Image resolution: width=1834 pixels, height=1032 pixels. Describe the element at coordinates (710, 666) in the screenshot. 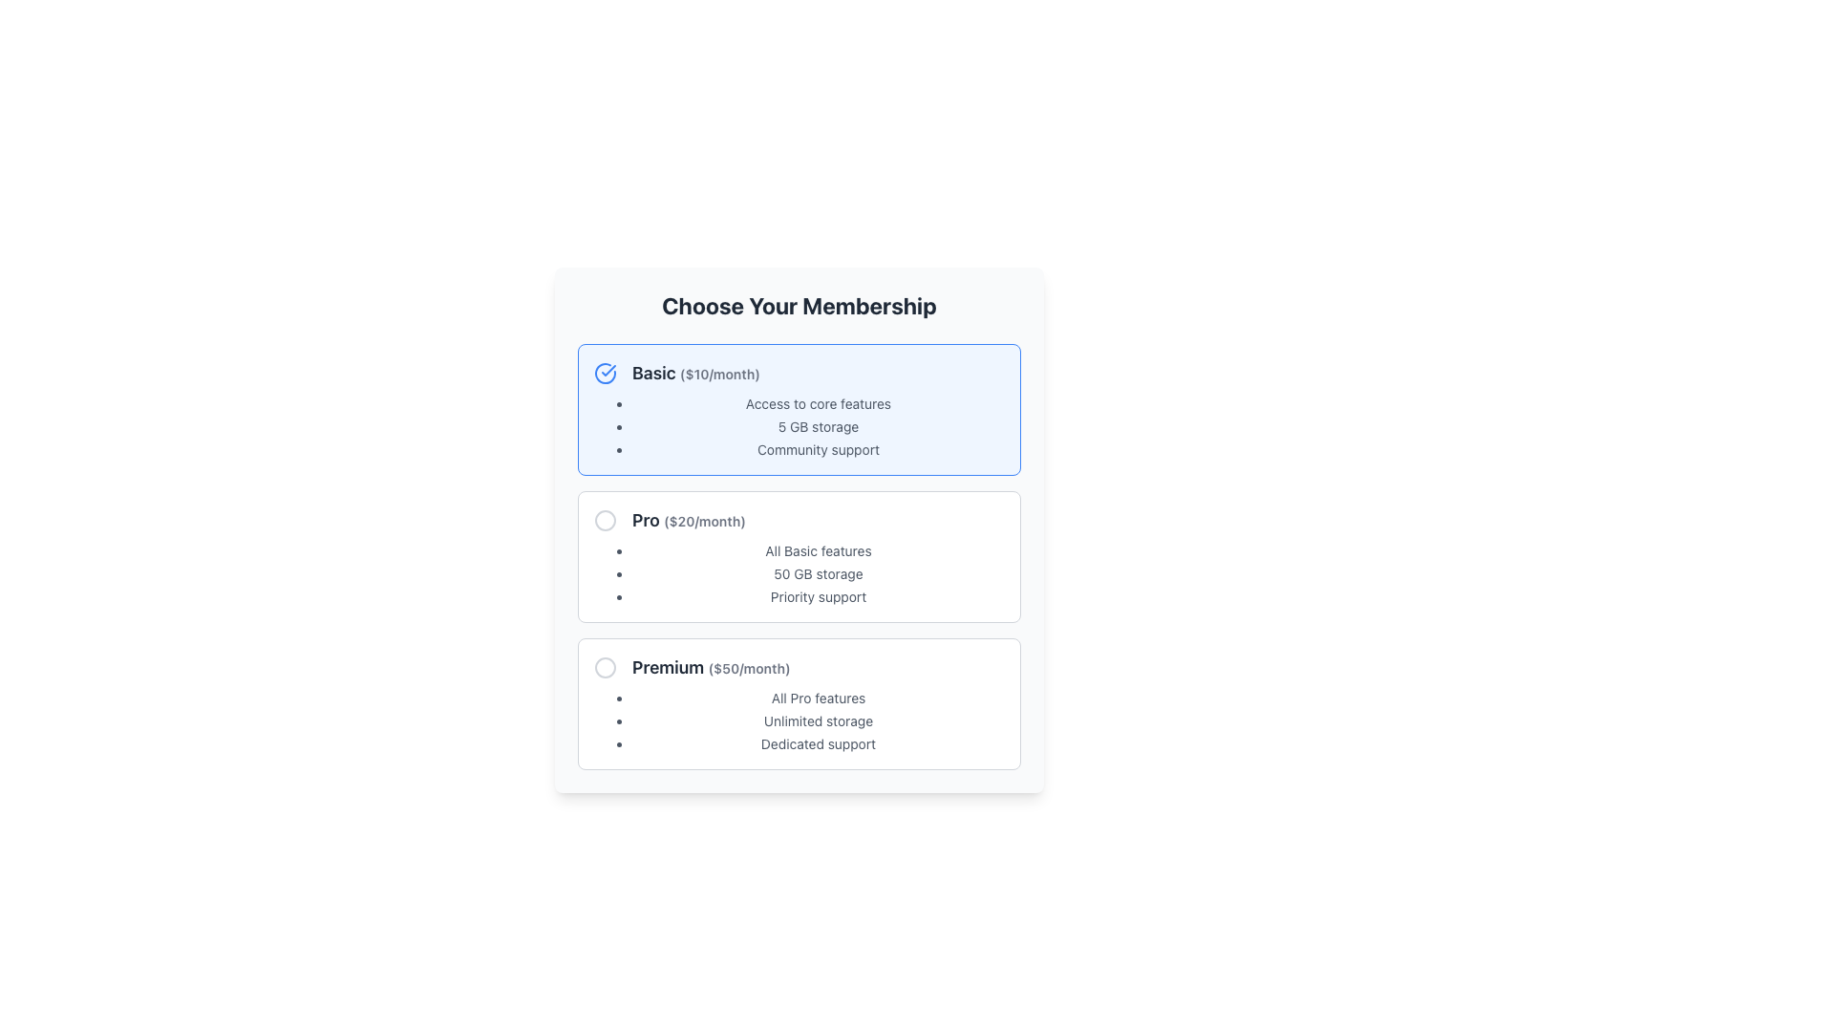

I see `the 'Premium ($50/month)' text label, which is the third membership option in a vertical list, styled with bold and large font` at that location.